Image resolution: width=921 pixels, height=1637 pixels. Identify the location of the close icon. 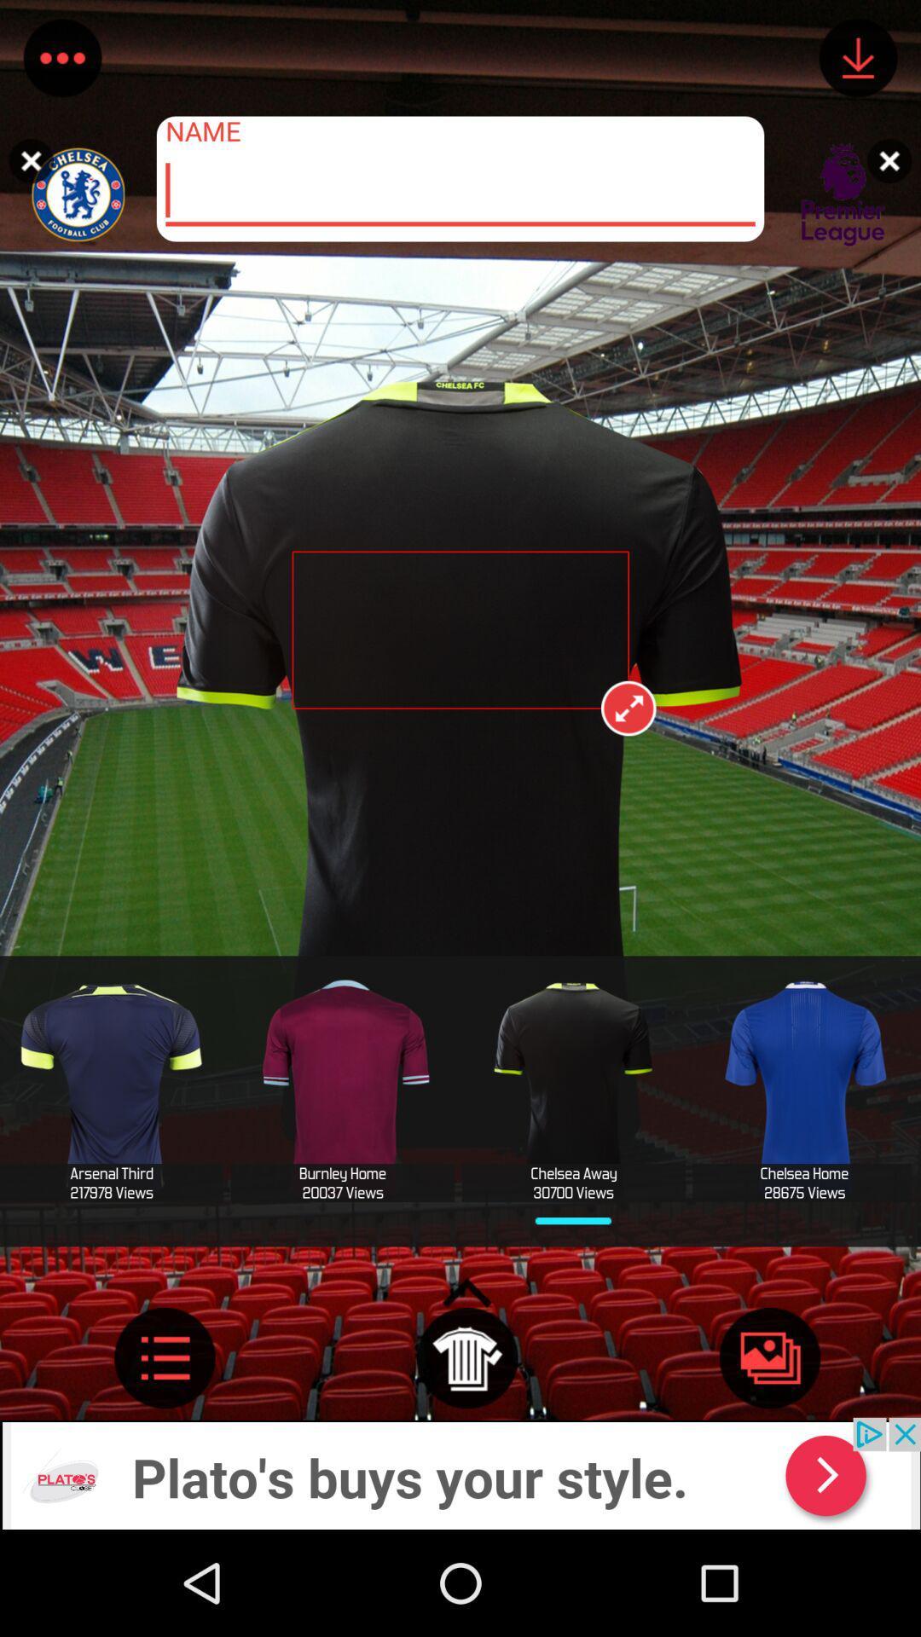
(893, 160).